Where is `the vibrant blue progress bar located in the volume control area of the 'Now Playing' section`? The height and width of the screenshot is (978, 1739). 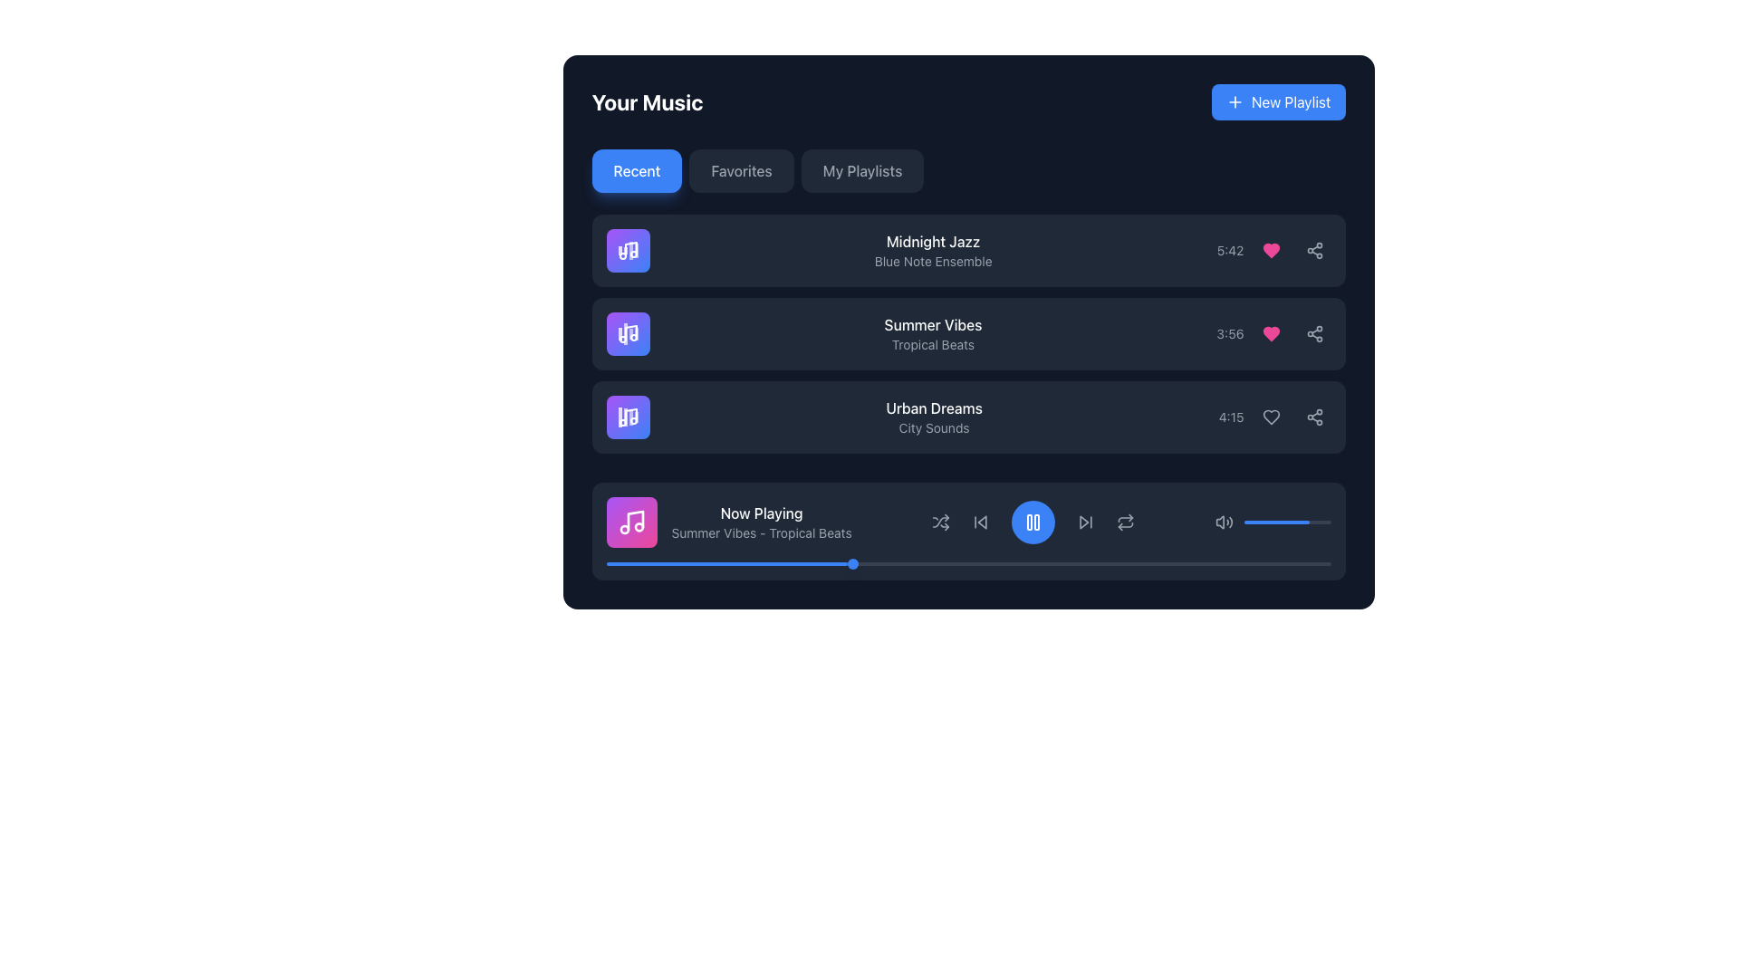
the vibrant blue progress bar located in the volume control area of the 'Now Playing' section is located at coordinates (1275, 523).